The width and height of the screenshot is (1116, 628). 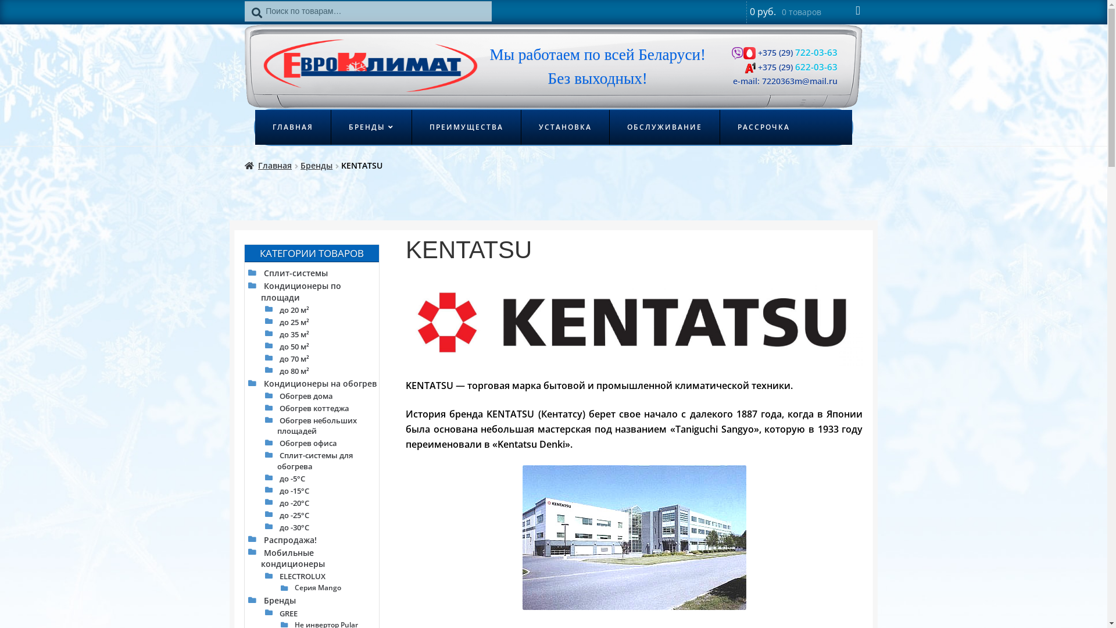 What do you see at coordinates (302, 576) in the screenshot?
I see `'ELECTROLUX'` at bounding box center [302, 576].